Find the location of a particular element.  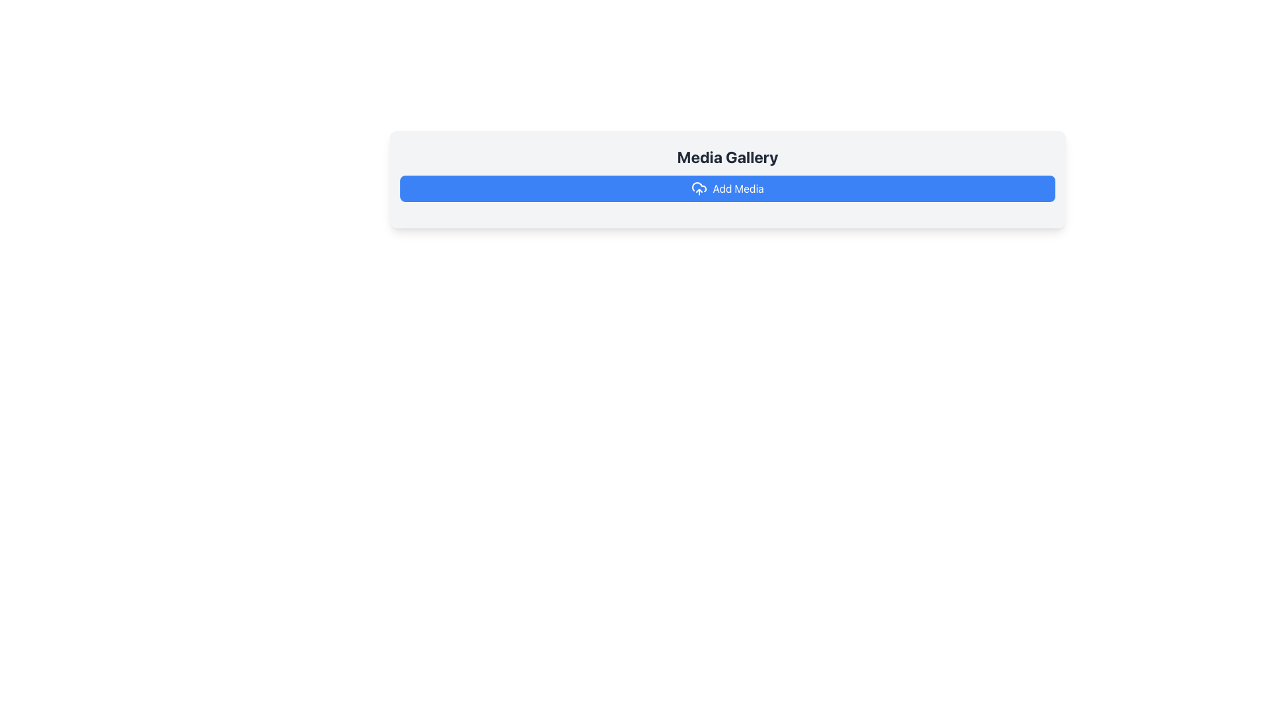

header text located centrally at the top of the media gallery interface, above the 'Add Media' button is located at coordinates (727, 156).